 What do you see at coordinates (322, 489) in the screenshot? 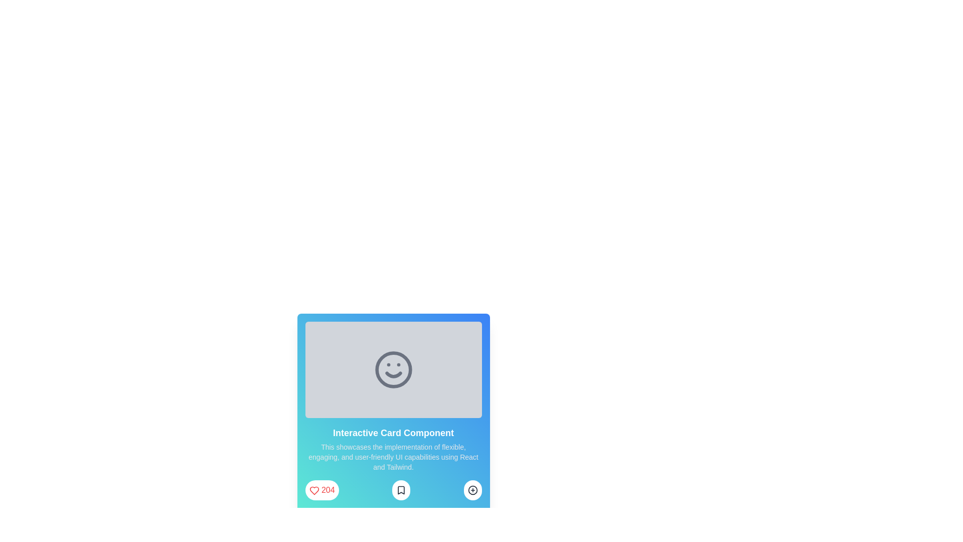
I see `the rounded button with a white background and red text that has a red heart icon and the number '204' to like` at bounding box center [322, 489].